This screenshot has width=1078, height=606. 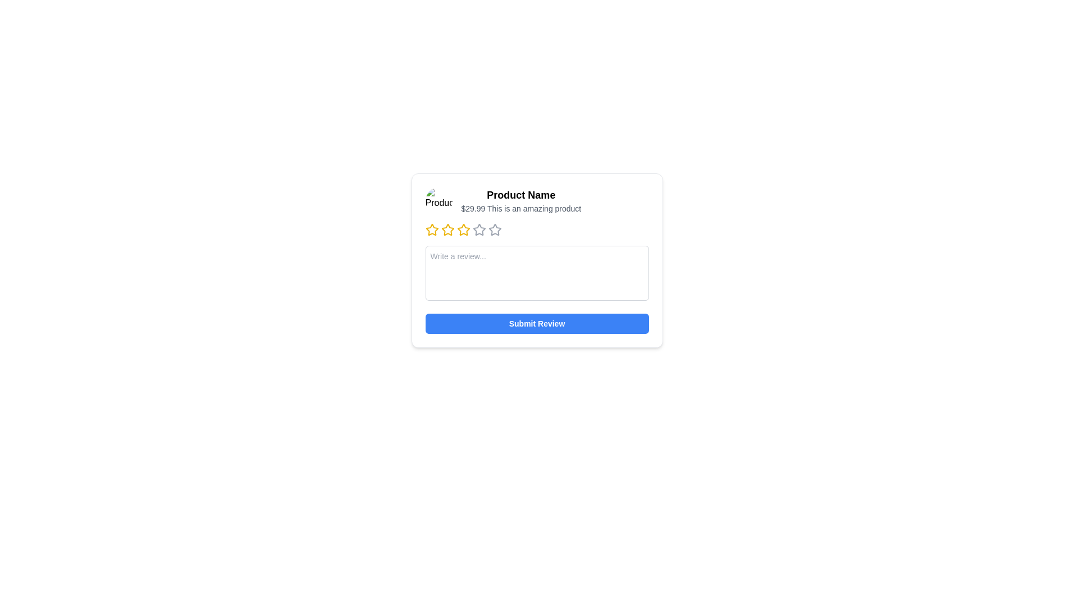 What do you see at coordinates (536, 229) in the screenshot?
I see `the selected star icon in the horizontal bar of interactive star icons` at bounding box center [536, 229].